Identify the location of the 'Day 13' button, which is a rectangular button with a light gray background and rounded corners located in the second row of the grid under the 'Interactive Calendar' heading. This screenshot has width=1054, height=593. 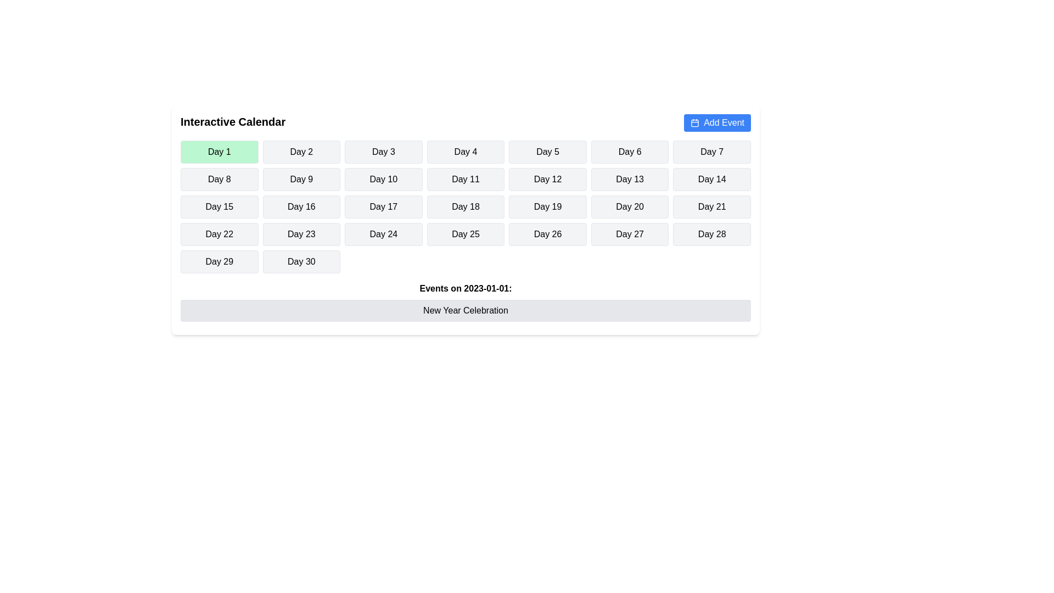
(630, 179).